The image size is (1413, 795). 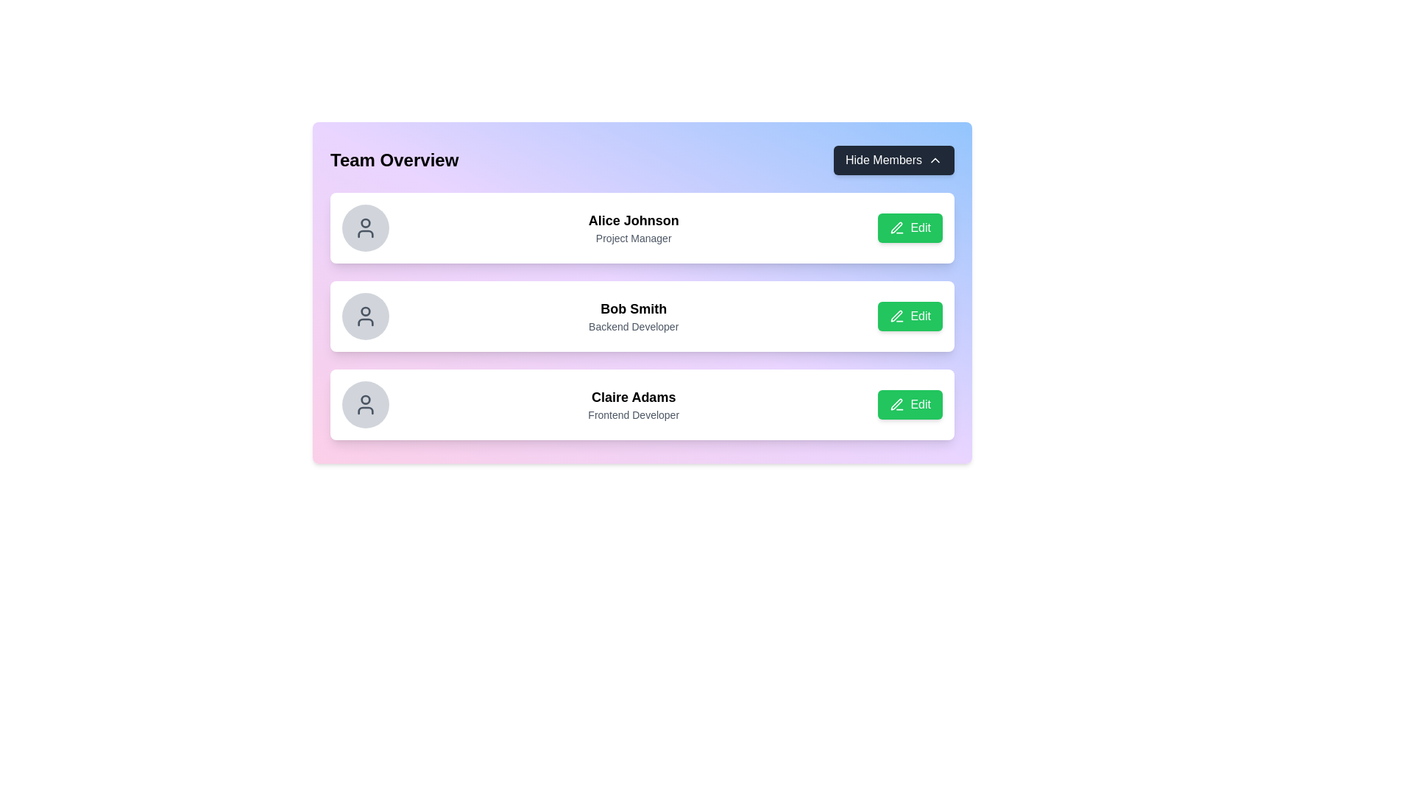 I want to click on the pen icon associated with the 'Edit' button for the topmost team member, Alice Johnson, to initiate the edit action, so click(x=896, y=227).